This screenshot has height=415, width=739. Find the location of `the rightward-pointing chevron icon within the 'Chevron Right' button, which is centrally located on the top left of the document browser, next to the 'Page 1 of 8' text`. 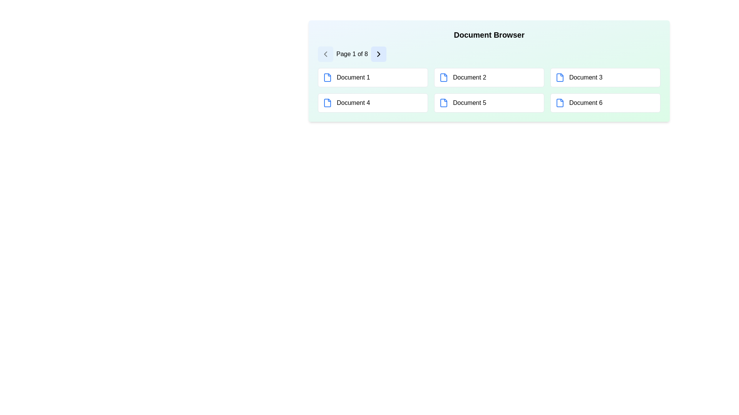

the rightward-pointing chevron icon within the 'Chevron Right' button, which is centrally located on the top left of the document browser, next to the 'Page 1 of 8' text is located at coordinates (378, 54).